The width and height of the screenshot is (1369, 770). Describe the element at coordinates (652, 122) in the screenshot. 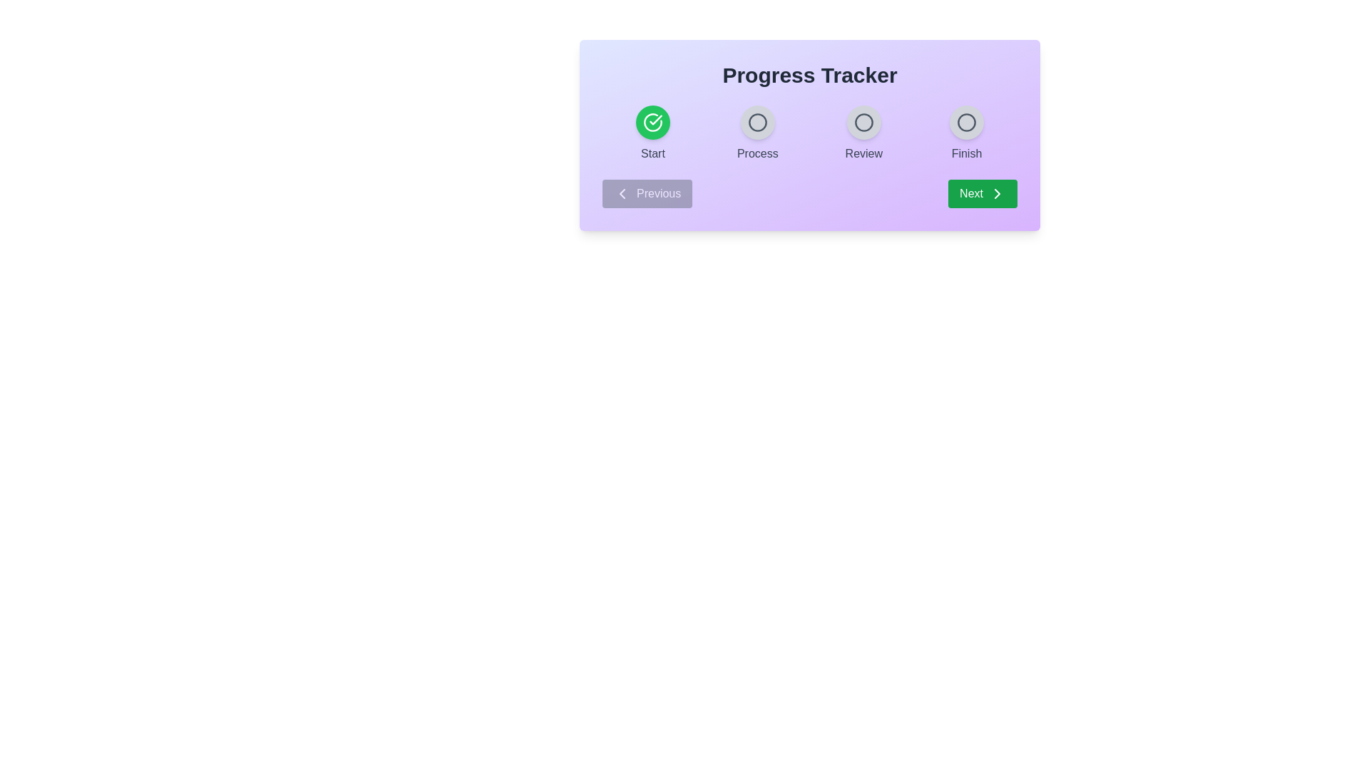

I see `the circular icon with a green background and white outline featuring a check mark symbol, located in the top-left part of the 'Progress Tracker' section` at that location.